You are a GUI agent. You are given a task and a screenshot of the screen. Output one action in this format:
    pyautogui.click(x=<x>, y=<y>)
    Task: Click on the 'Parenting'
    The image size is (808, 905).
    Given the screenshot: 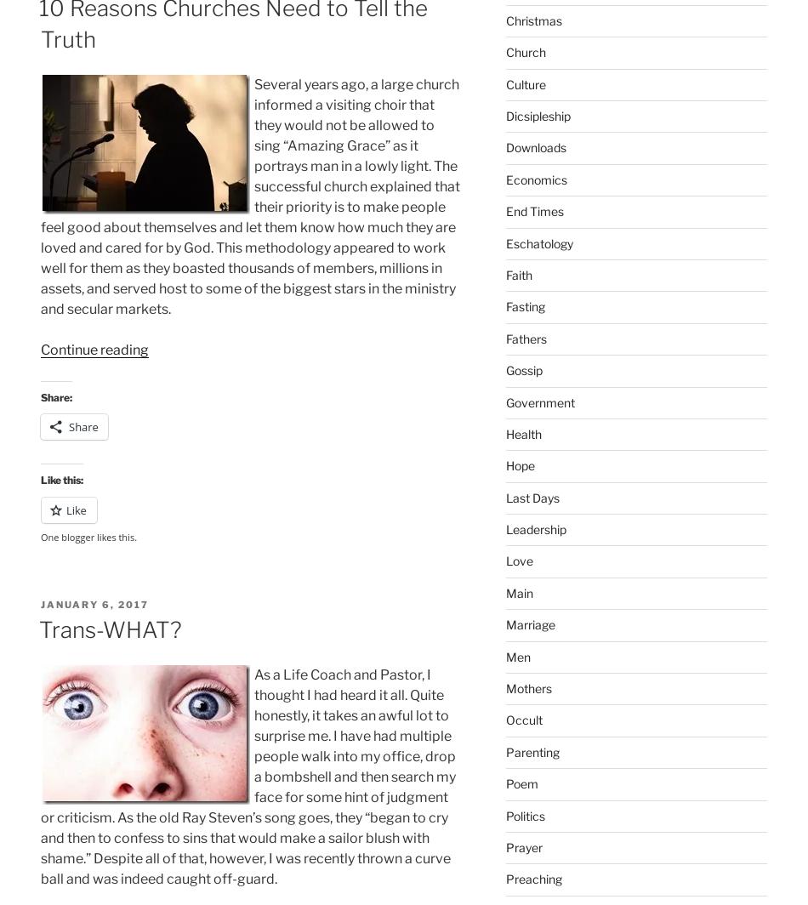 What is the action you would take?
    pyautogui.click(x=532, y=751)
    